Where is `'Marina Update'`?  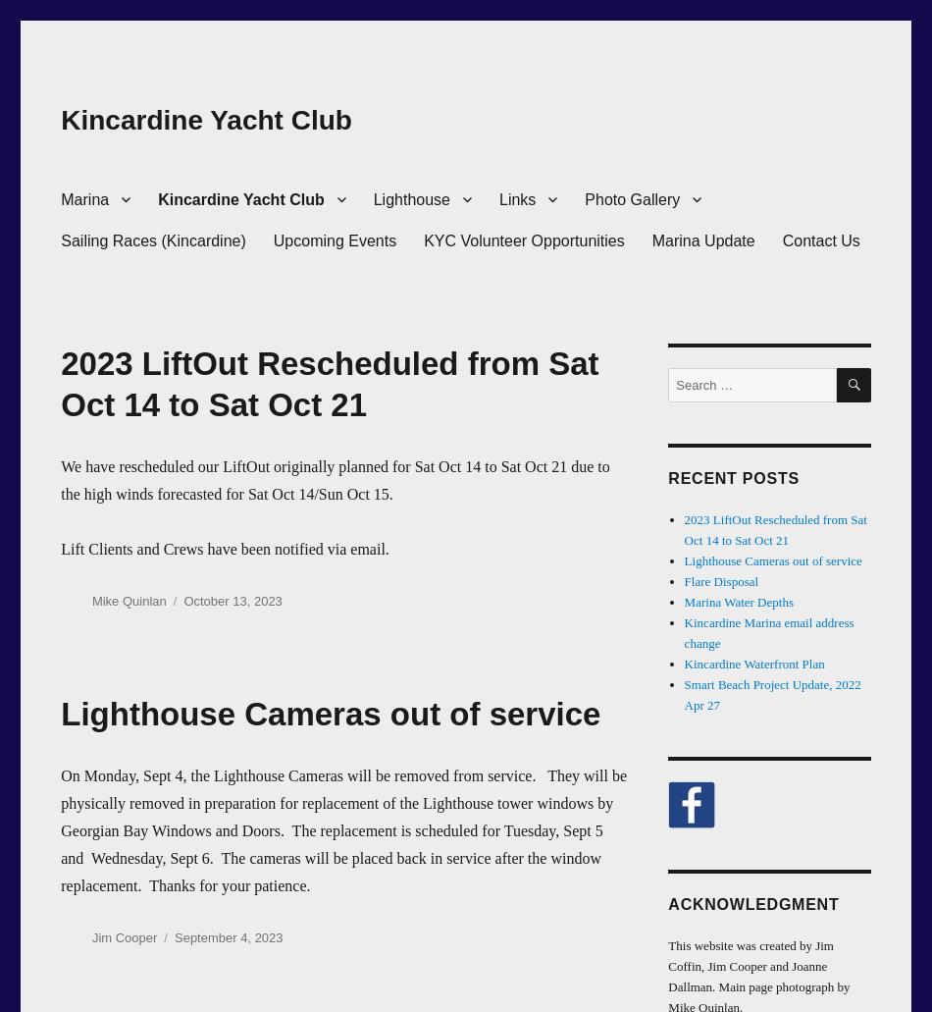
'Marina Update' is located at coordinates (650, 240).